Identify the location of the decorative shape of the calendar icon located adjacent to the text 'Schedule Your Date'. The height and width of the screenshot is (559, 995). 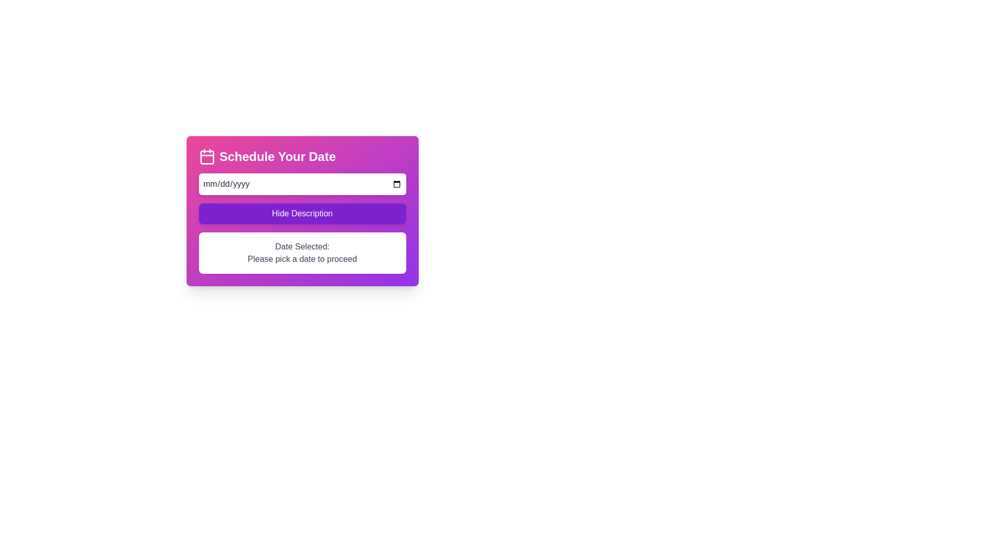
(207, 157).